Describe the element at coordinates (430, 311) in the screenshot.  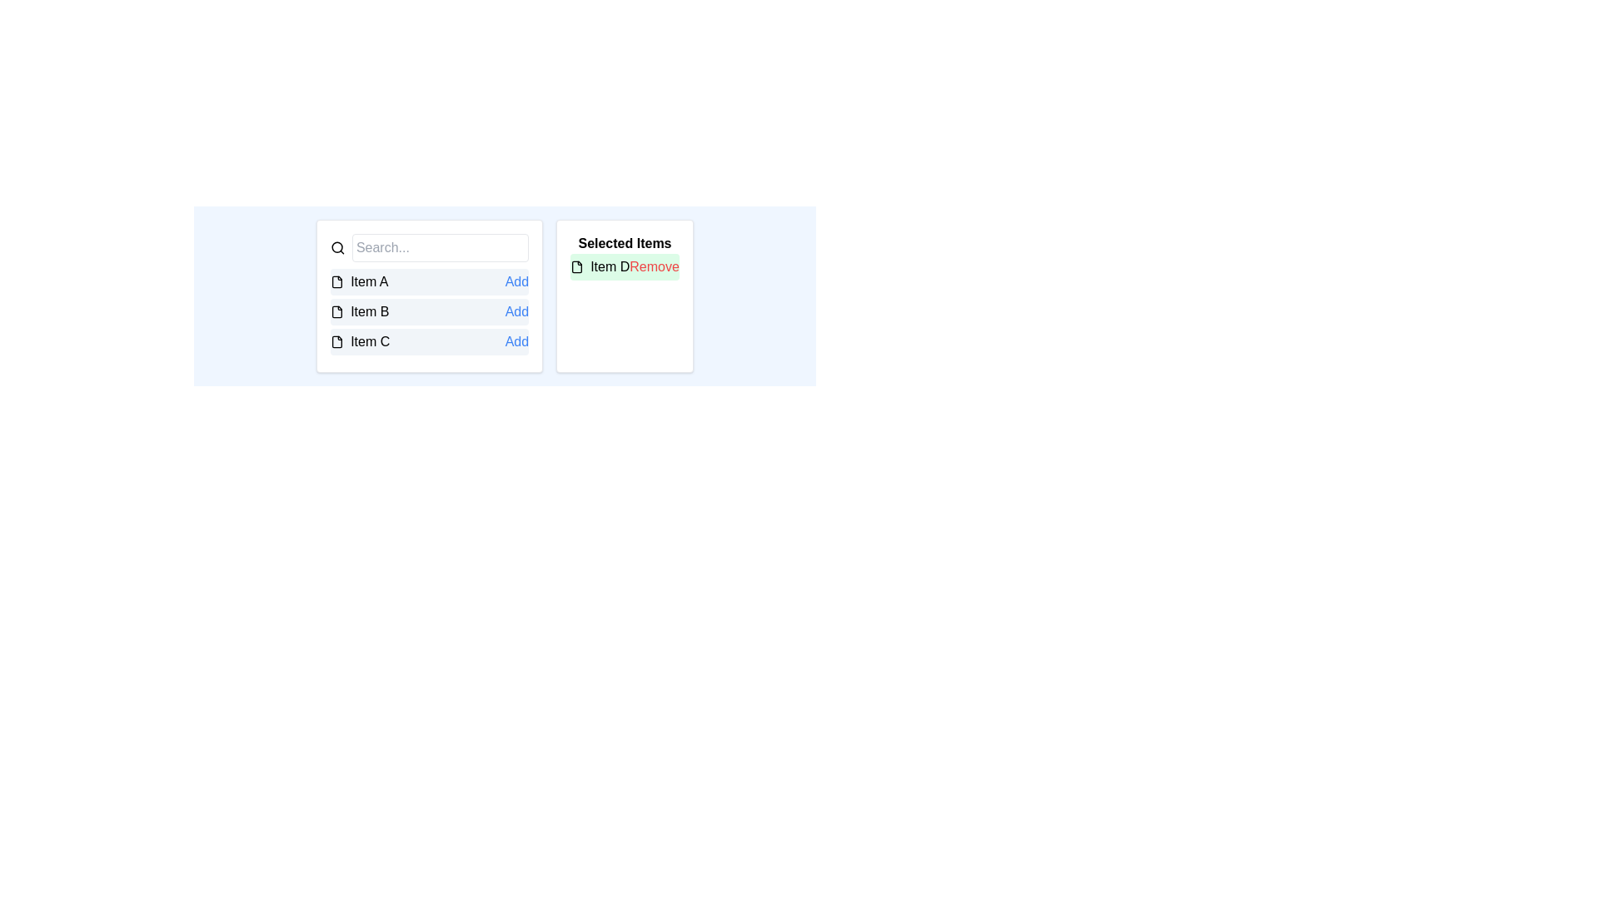
I see `the second item in the 'Available Items' list, labeled 'Item B'` at that location.